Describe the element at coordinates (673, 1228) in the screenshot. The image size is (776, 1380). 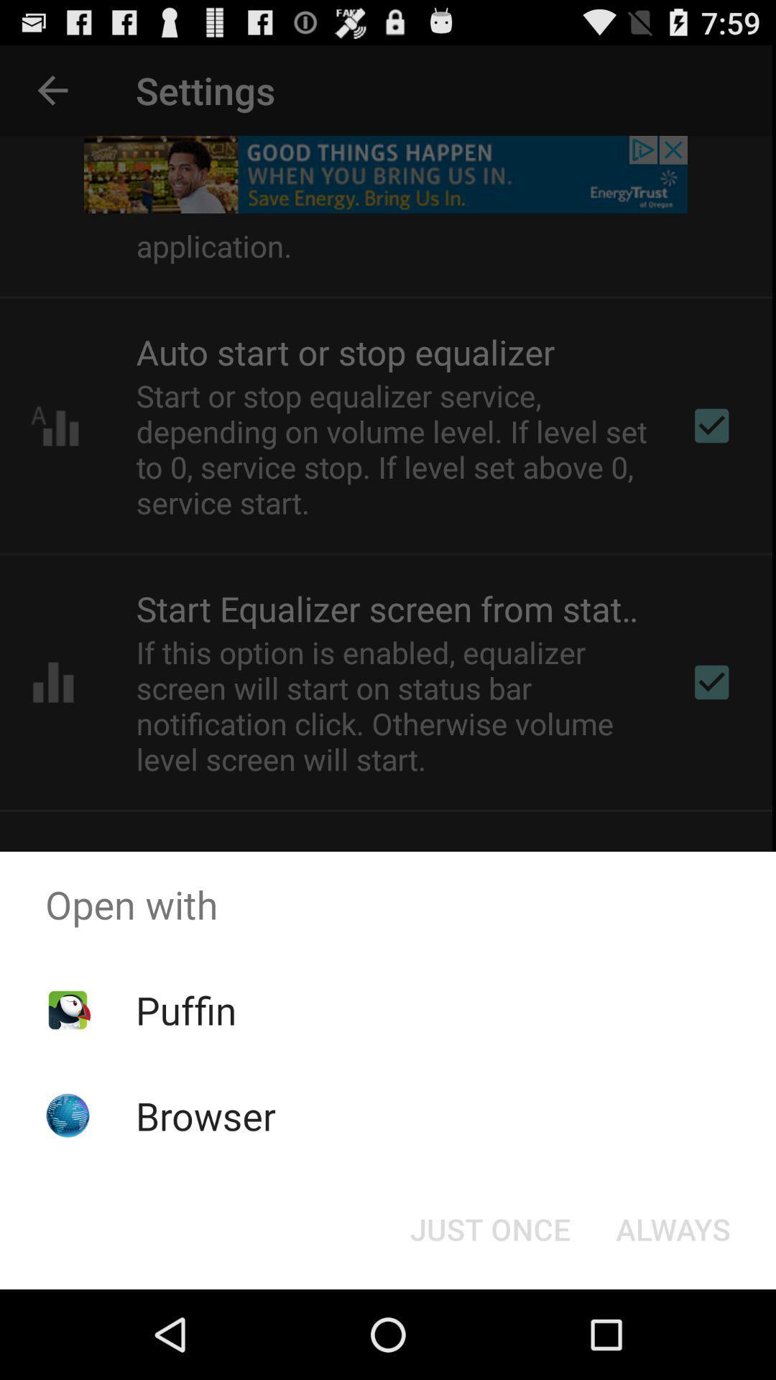
I see `app below the open with icon` at that location.